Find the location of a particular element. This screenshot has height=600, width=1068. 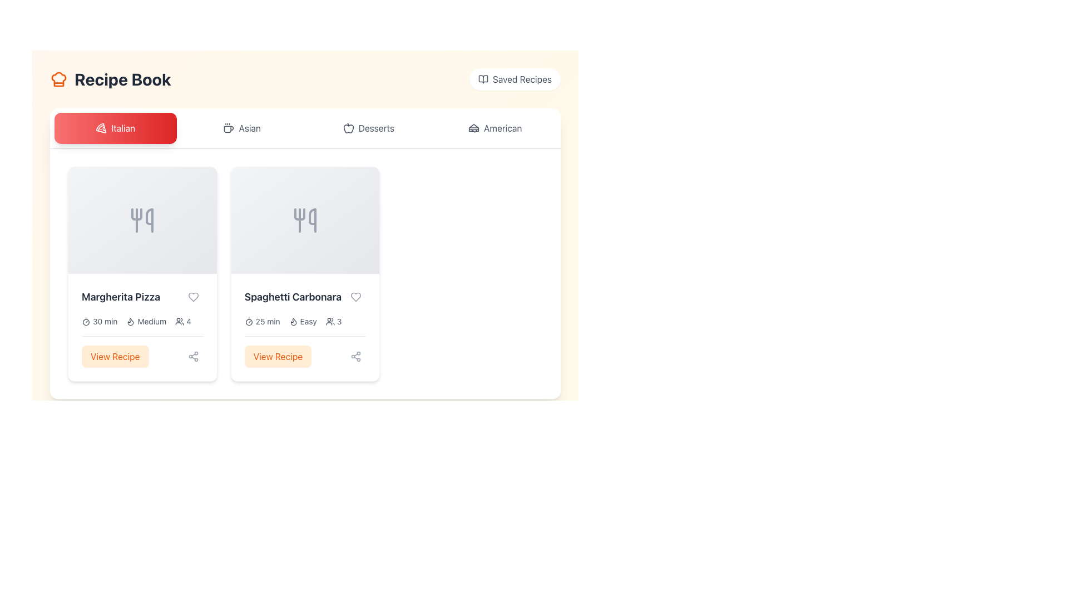

the heart icon button located in the upper-right corner of the 'Spaghetti Carbonara' recipe card is located at coordinates (356, 297).